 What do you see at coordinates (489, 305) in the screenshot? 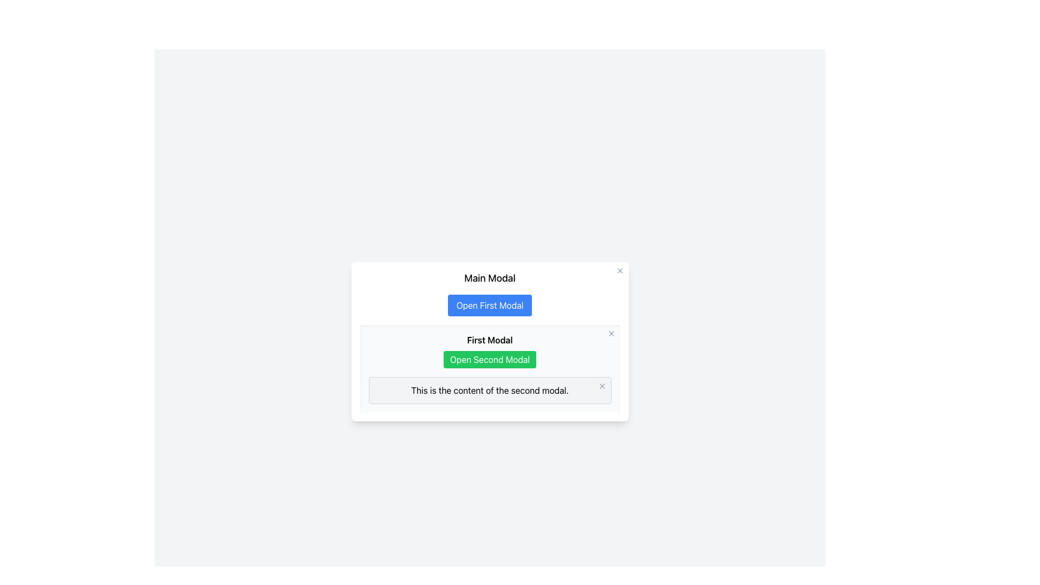
I see `the button located directly beneath the 'Main Modal' heading` at bounding box center [489, 305].